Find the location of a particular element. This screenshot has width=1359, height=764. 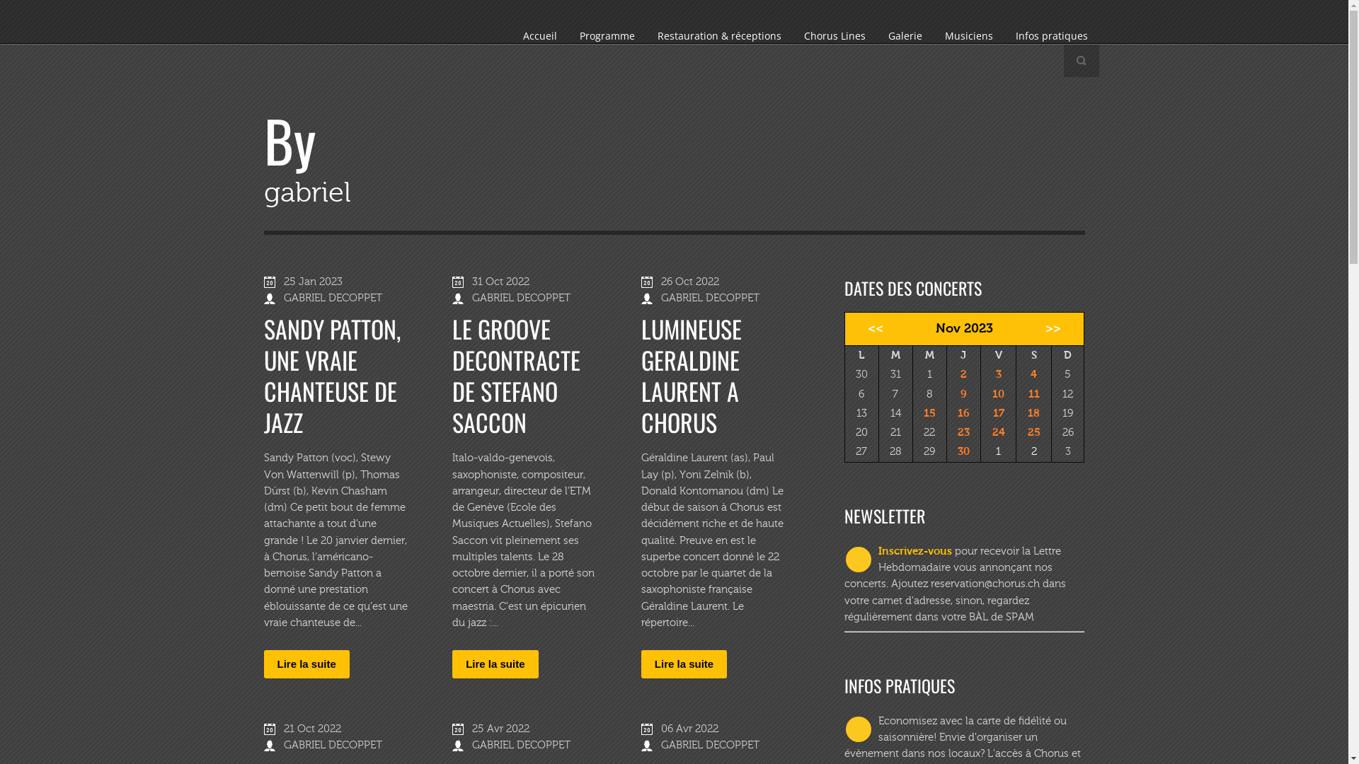

'Lire la suite' is located at coordinates (684, 664).